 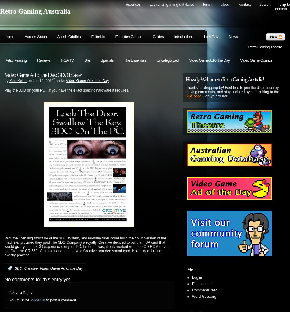 I want to click on 'Leave a Reply', so click(x=21, y=292).